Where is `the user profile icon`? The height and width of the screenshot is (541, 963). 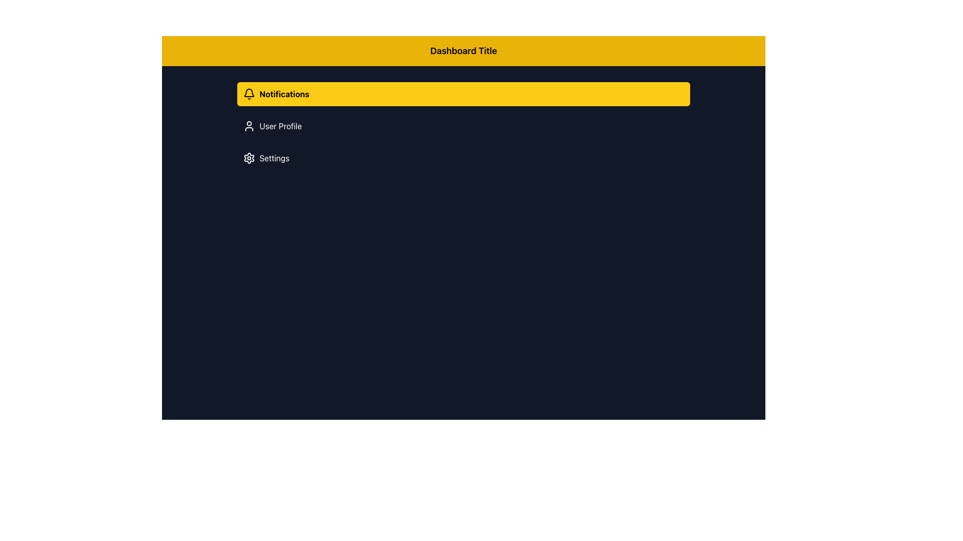
the user profile icon is located at coordinates (249, 125).